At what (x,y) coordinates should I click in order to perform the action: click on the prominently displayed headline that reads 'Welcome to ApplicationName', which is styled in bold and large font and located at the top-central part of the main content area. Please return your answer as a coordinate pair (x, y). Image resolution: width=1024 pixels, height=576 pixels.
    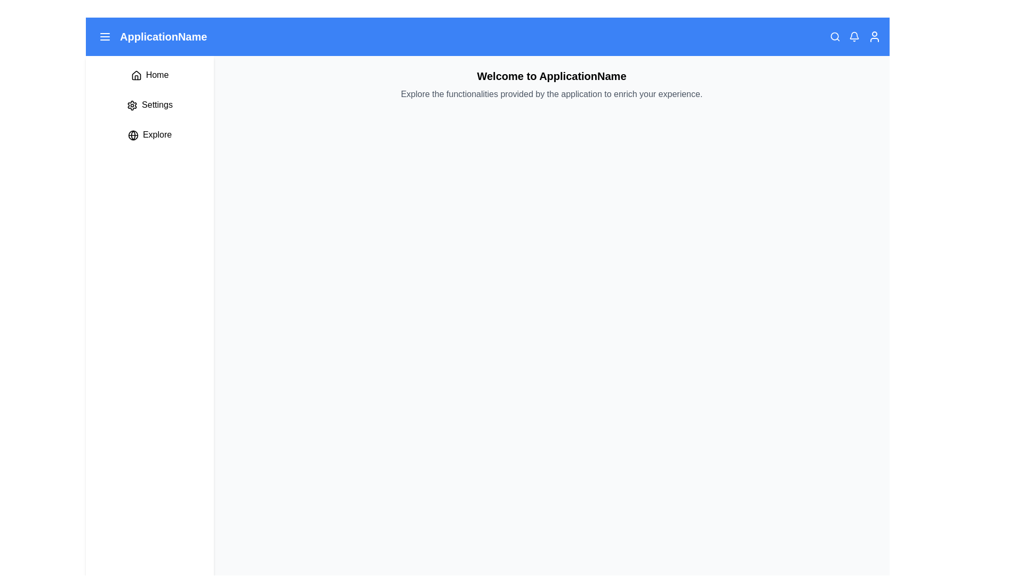
    Looking at the image, I should click on (551, 75).